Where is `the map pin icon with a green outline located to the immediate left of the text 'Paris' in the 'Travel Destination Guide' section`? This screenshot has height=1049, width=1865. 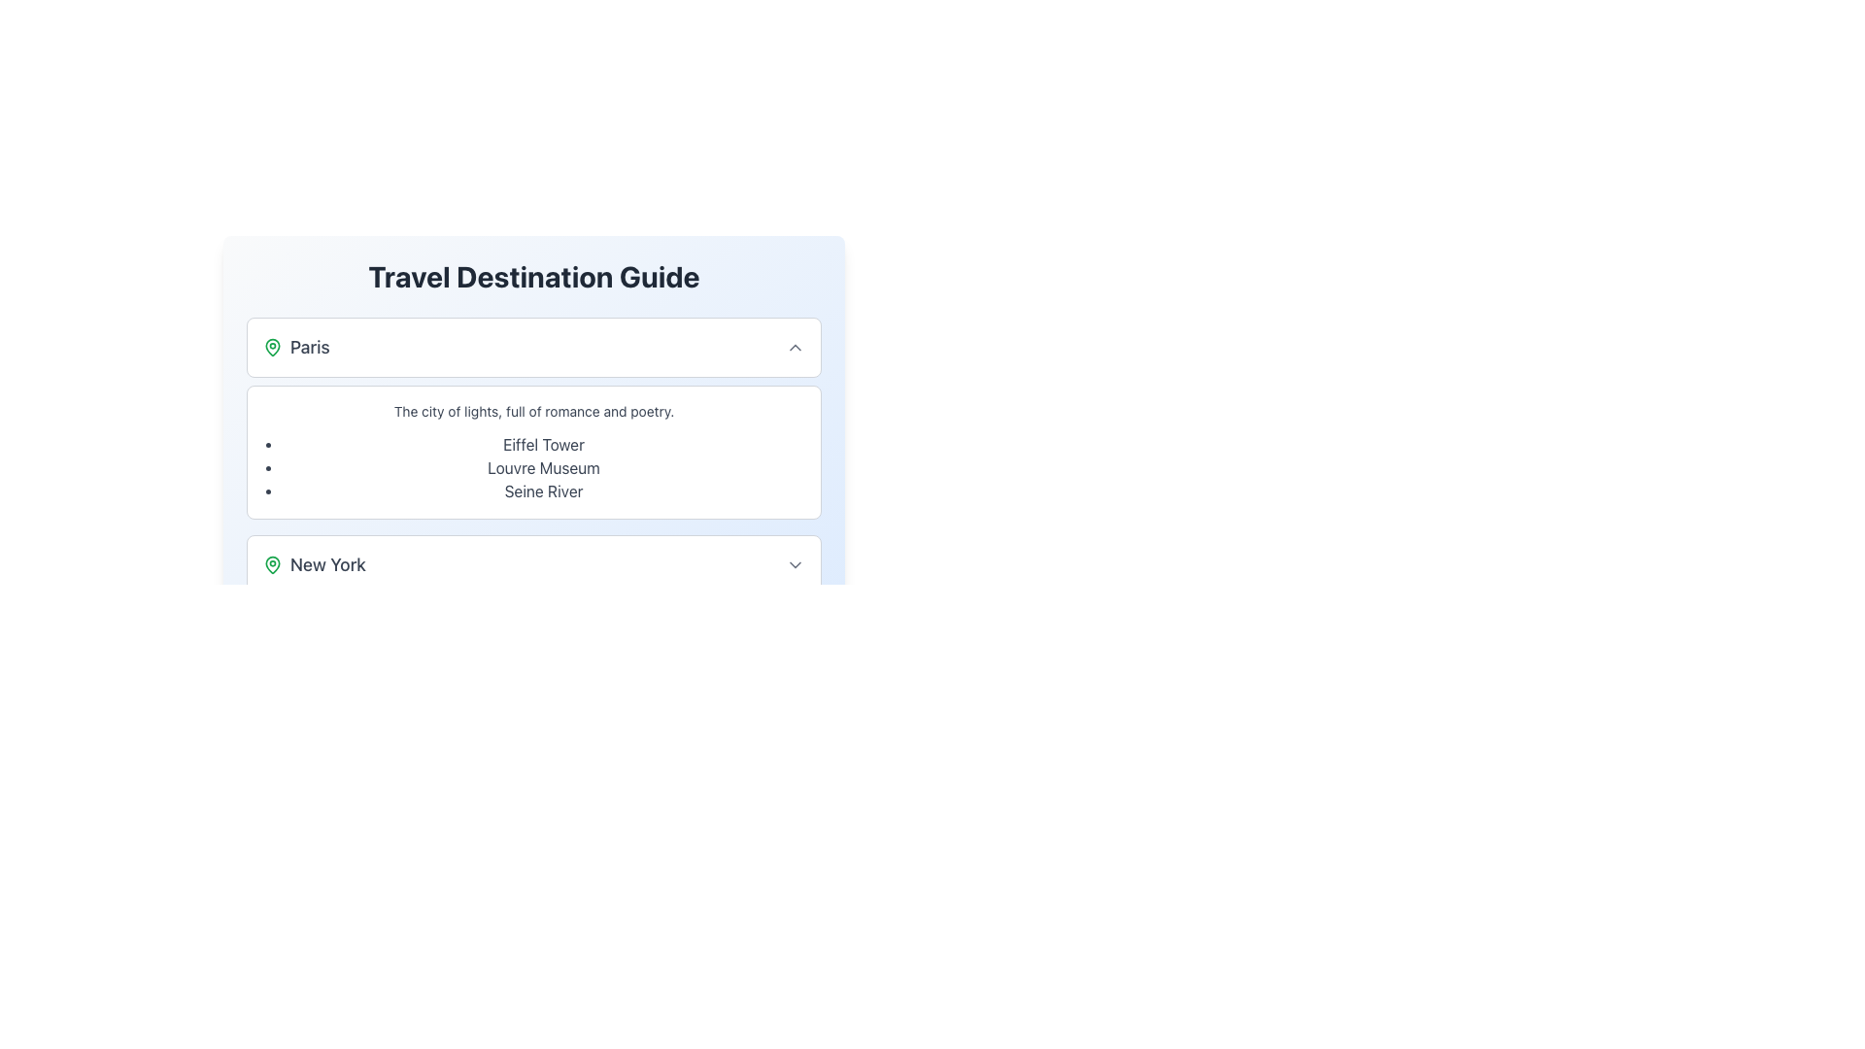 the map pin icon with a green outline located to the immediate left of the text 'Paris' in the 'Travel Destination Guide' section is located at coordinates (272, 347).